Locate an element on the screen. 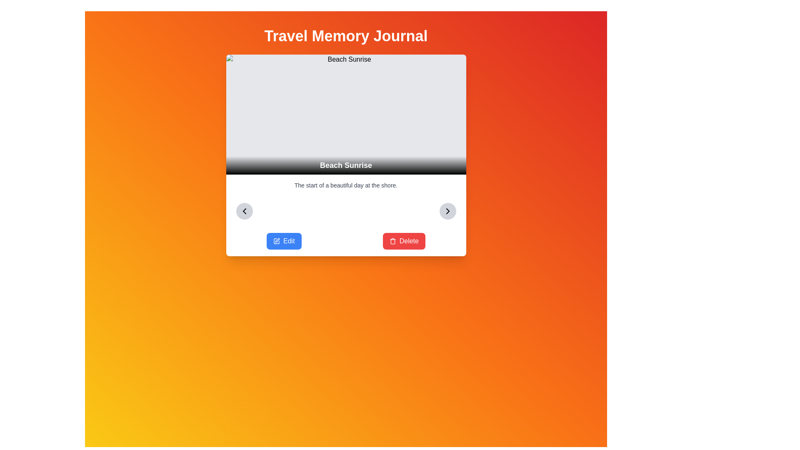  the chevron icon button located in the bottom-right corner of the card interface is located at coordinates (447, 210).